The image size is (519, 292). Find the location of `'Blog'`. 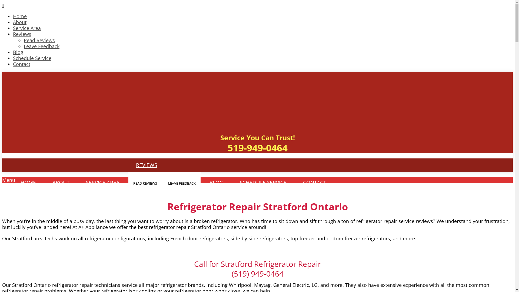

'Blog' is located at coordinates (13, 52).